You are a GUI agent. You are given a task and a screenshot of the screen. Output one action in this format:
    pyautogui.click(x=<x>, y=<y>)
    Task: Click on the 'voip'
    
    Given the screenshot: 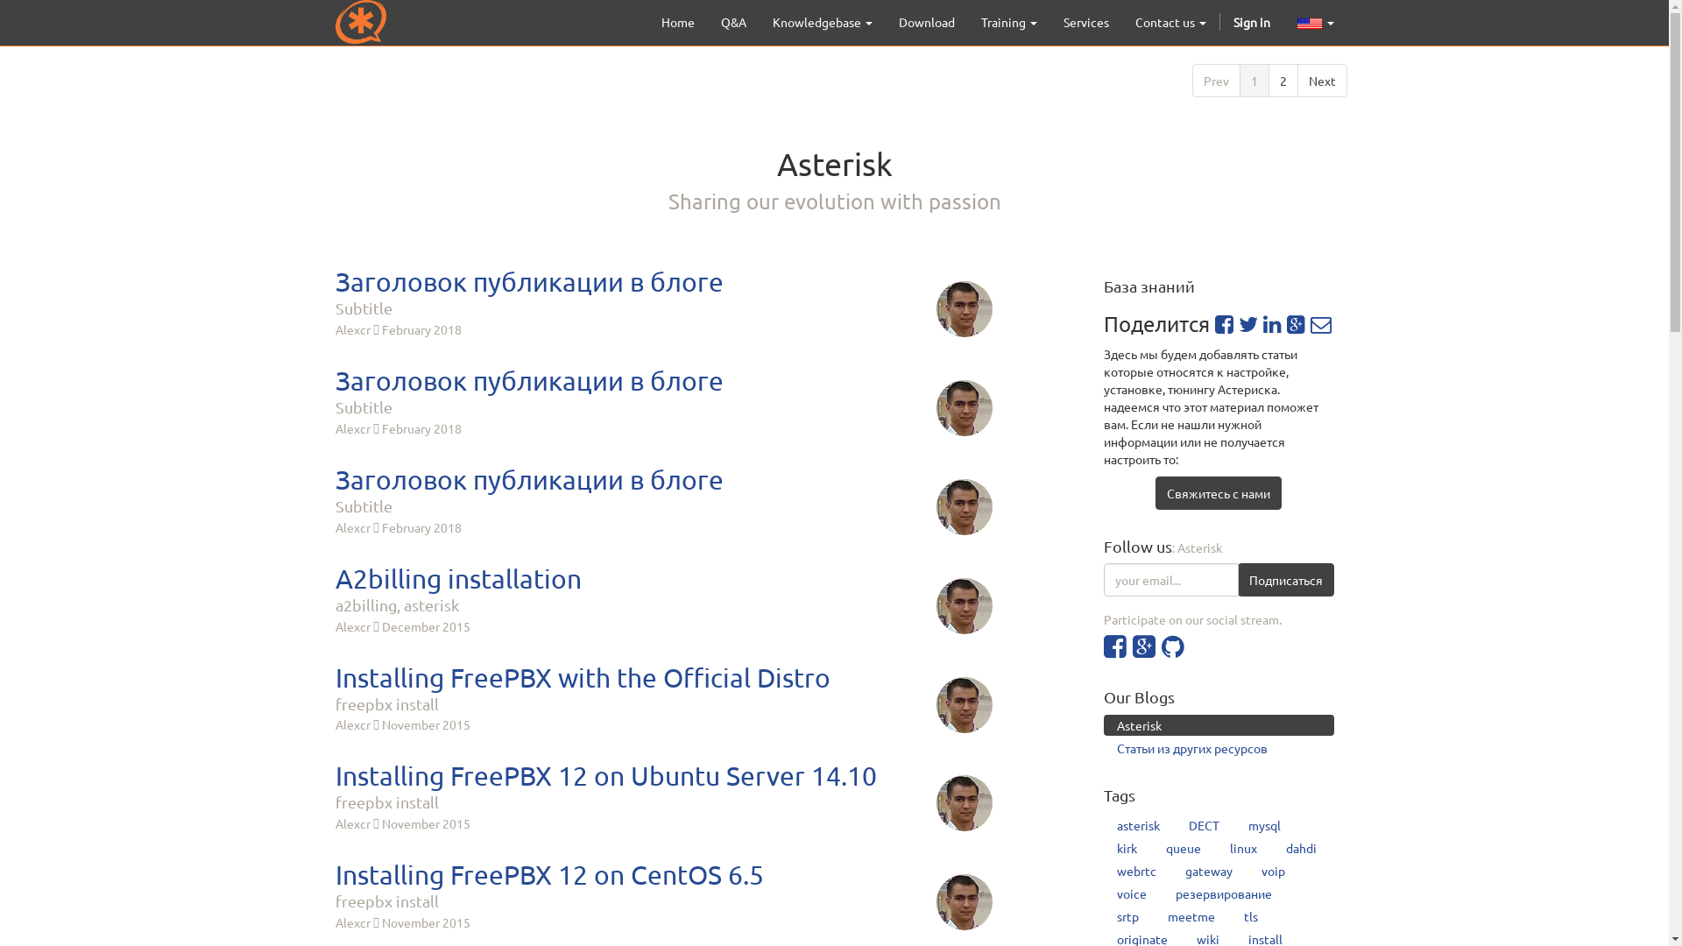 What is the action you would take?
    pyautogui.click(x=1273, y=871)
    